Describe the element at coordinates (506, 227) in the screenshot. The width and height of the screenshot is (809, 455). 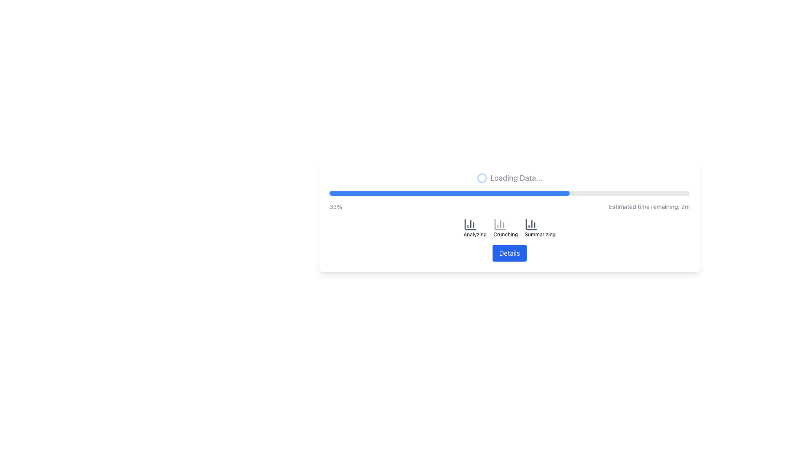
I see `the 'Crunching' text label with a bar chart icon, which is the middle element in a row of three similar items` at that location.